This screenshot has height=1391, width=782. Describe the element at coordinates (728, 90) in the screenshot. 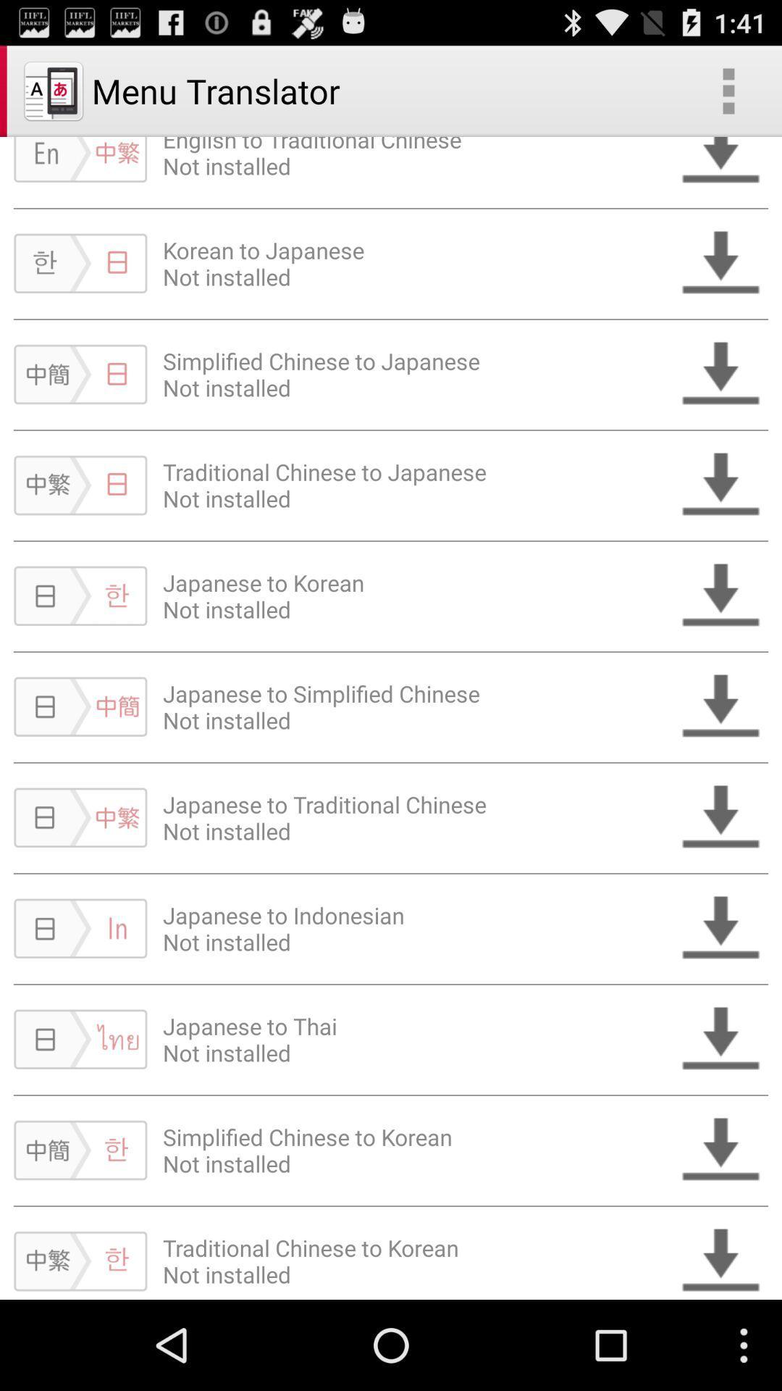

I see `app to the right of english to traditional` at that location.